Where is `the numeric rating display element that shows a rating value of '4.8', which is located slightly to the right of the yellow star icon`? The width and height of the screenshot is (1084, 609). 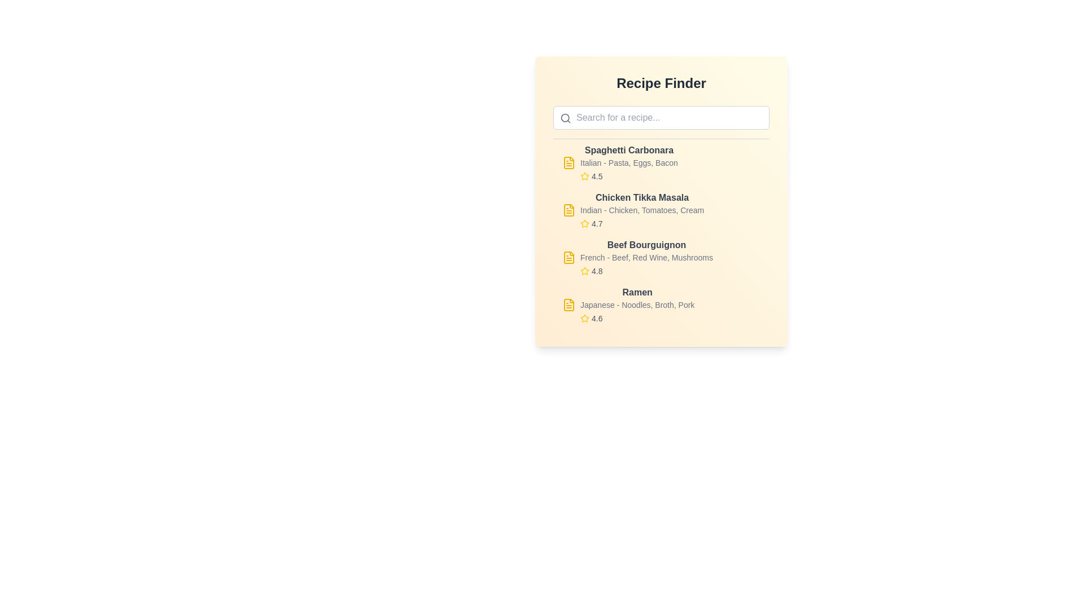 the numeric rating display element that shows a rating value of '4.8', which is located slightly to the right of the yellow star icon is located at coordinates (596, 271).